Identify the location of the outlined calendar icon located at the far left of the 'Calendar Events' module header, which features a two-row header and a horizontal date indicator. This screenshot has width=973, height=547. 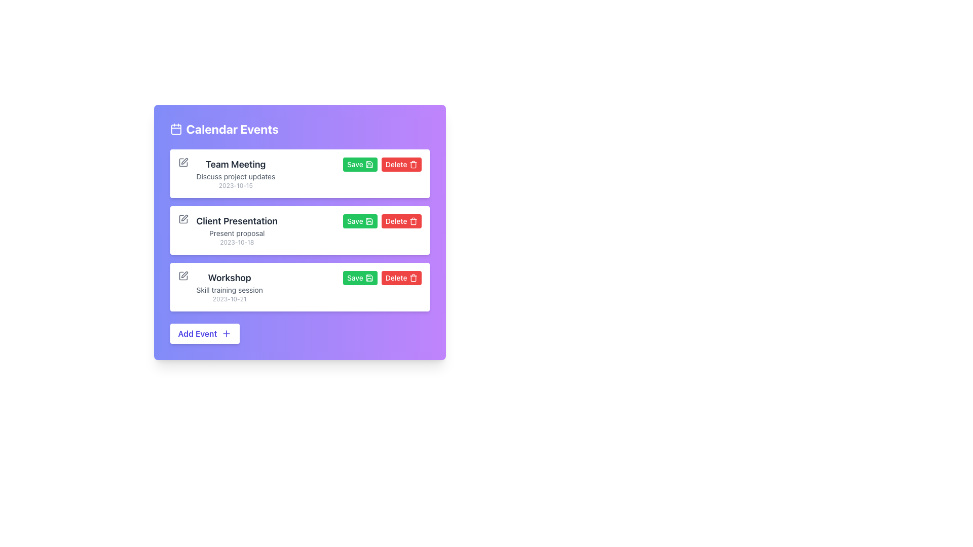
(176, 128).